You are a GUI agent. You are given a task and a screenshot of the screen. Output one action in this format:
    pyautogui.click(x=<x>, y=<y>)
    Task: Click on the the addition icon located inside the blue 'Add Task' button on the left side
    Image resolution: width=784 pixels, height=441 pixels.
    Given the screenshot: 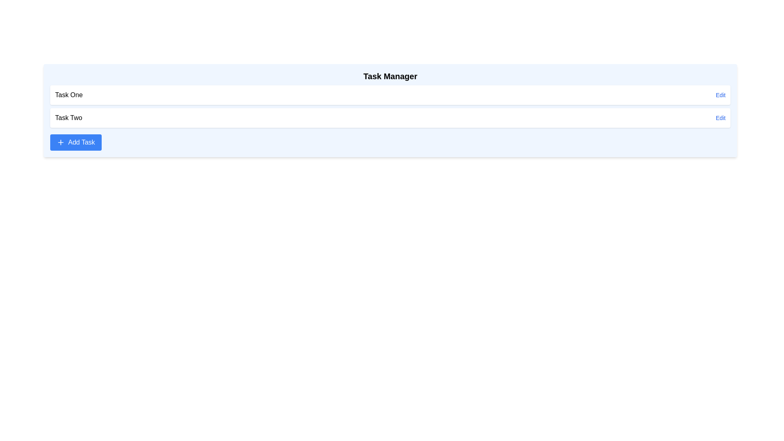 What is the action you would take?
    pyautogui.click(x=60, y=142)
    